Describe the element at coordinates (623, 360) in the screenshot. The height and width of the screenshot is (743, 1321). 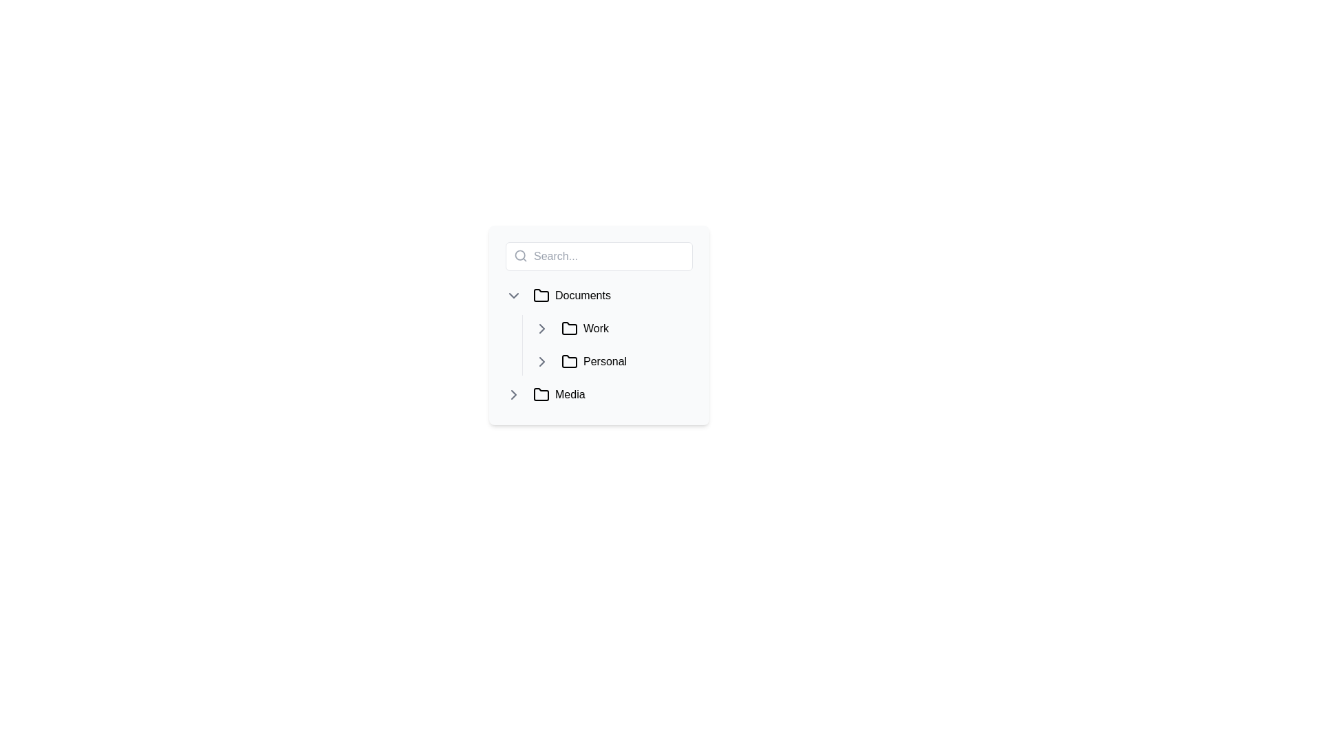
I see `the 'Personal' folder item in the navigational tree structure` at that location.